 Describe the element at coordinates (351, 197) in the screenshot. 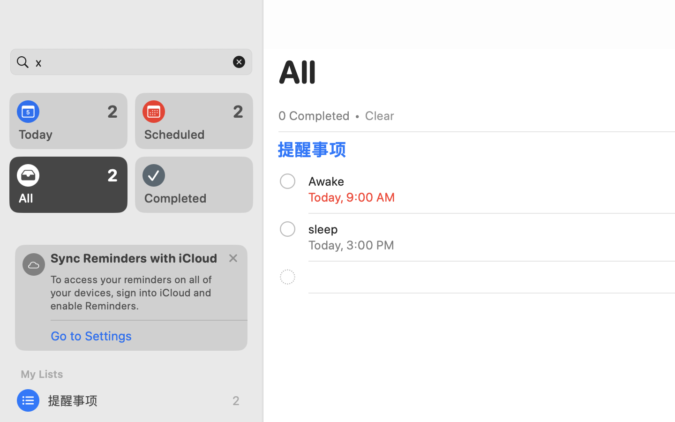

I see `'Today, 9:00 AM'` at that location.